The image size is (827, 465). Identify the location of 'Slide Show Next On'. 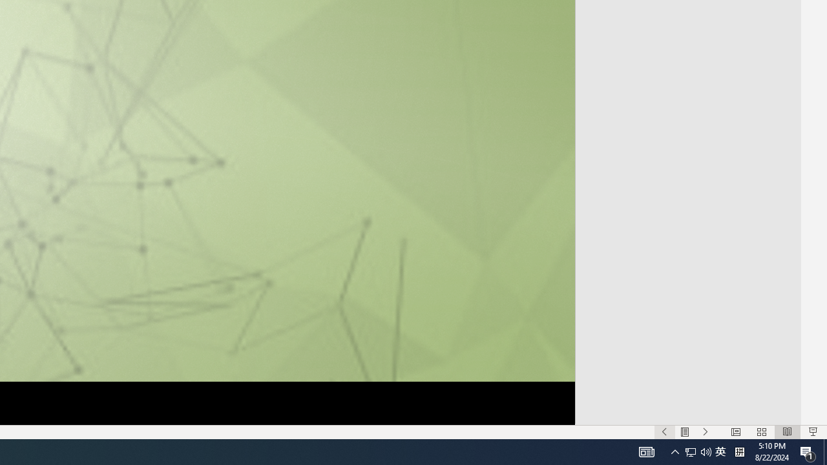
(705, 432).